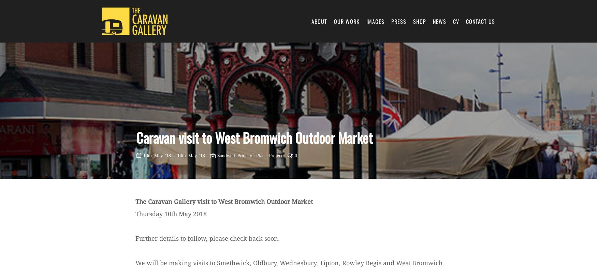 This screenshot has height=269, width=597. Describe the element at coordinates (254, 137) in the screenshot. I see `'Caravan visit to West Bromwich Outdoor Market'` at that location.